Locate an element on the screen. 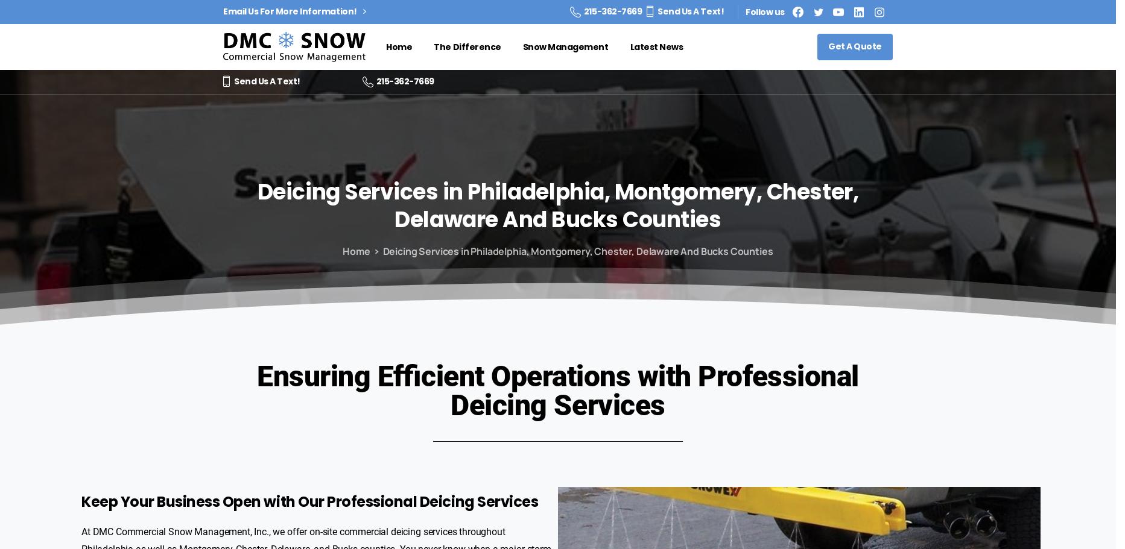  'Bucks' is located at coordinates (584, 219).